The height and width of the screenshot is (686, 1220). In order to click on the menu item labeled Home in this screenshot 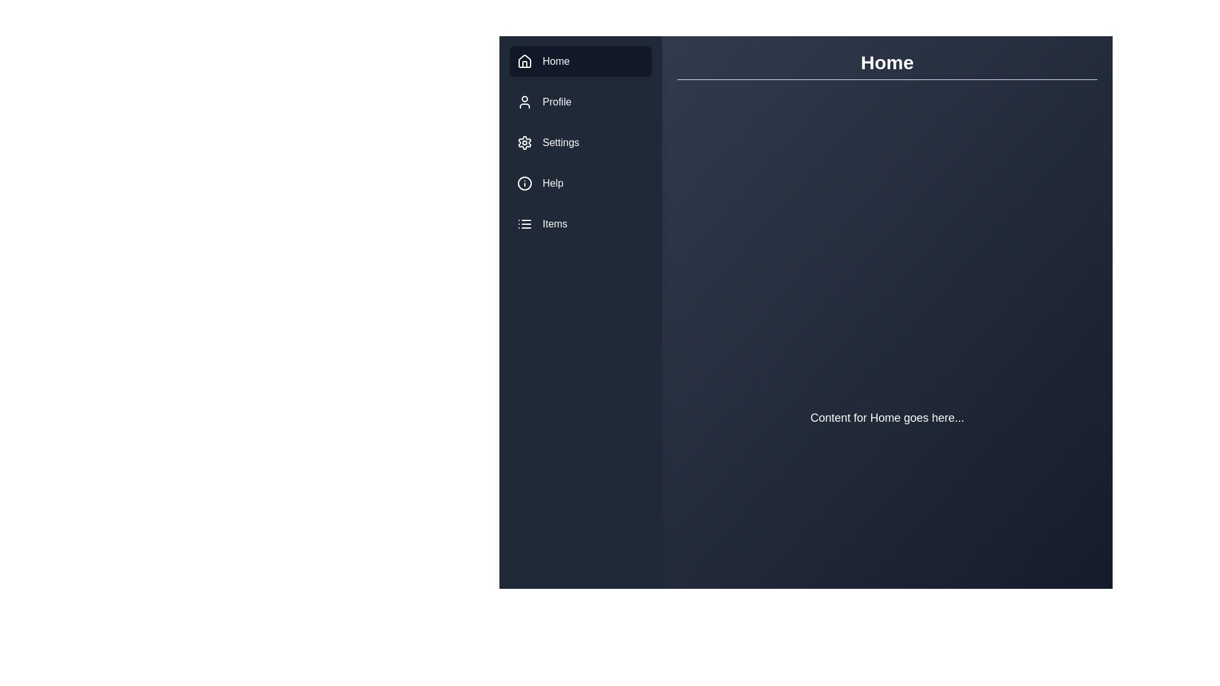, I will do `click(579, 61)`.